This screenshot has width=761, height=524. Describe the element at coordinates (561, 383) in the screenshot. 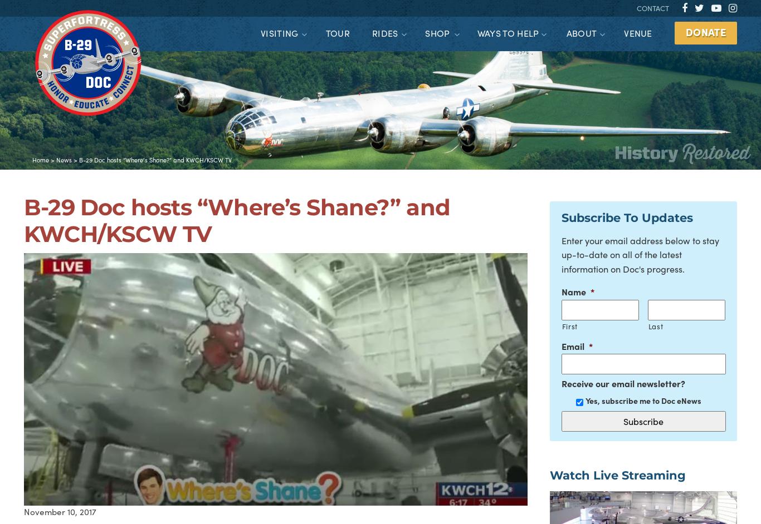

I see `'Receive our email newsletter?'` at that location.